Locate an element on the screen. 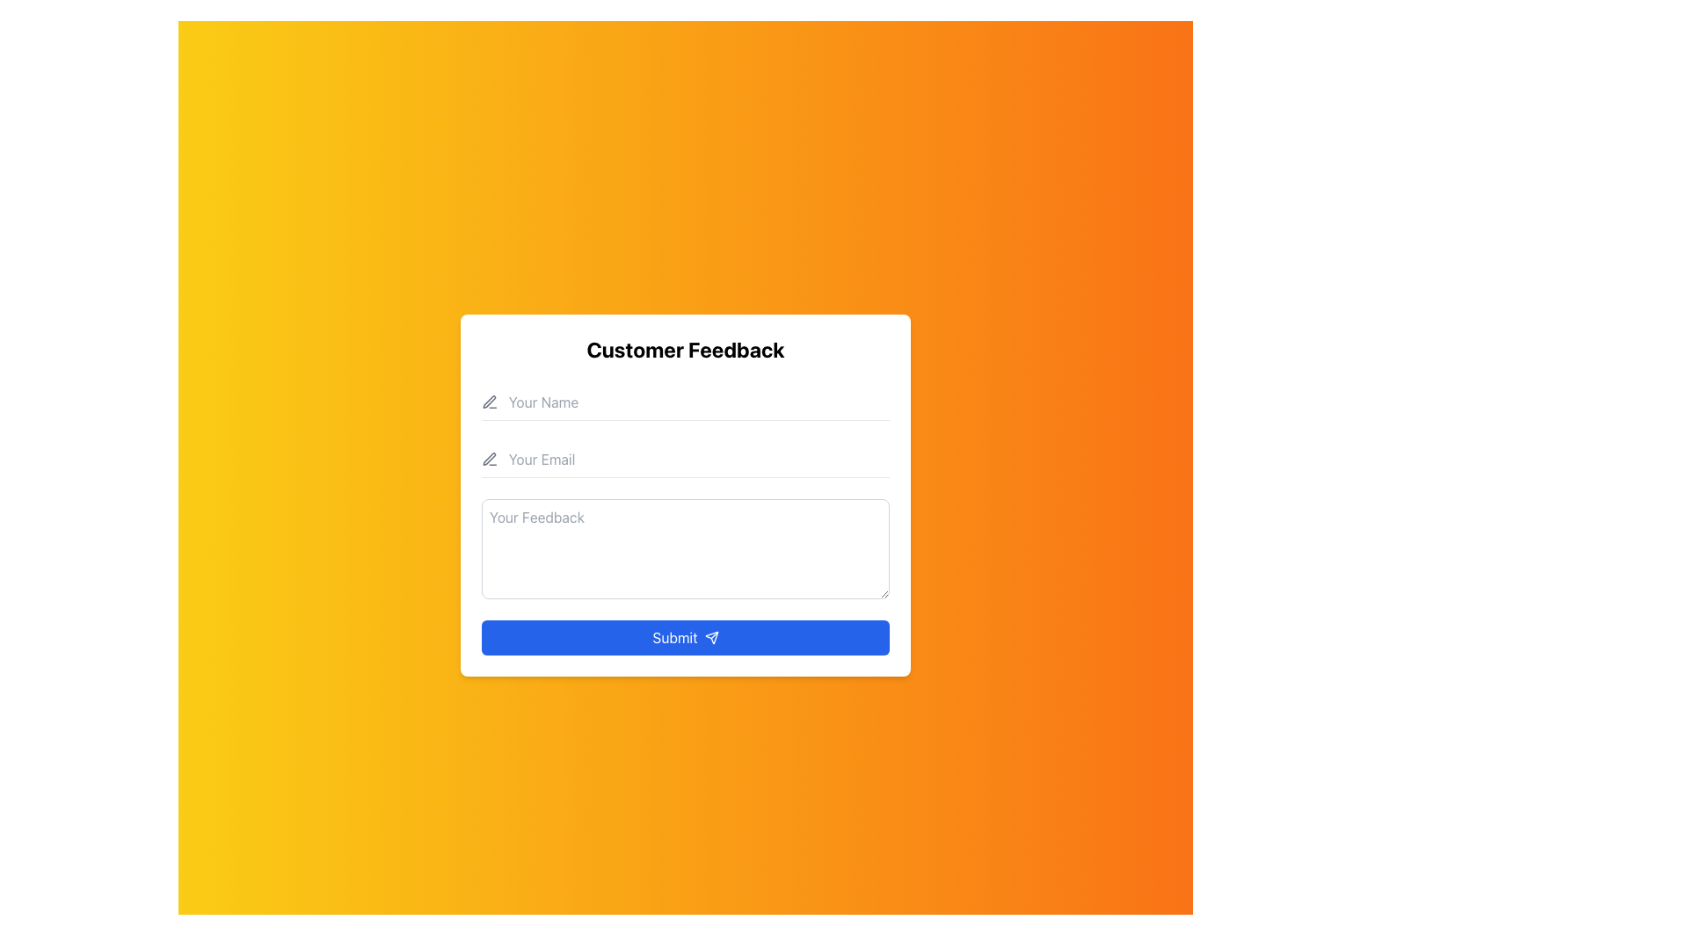 The width and height of the screenshot is (1688, 949). the small triangular-shaped icon resembling a send symbol, which is located at the right end of the blue 'Submit' button is located at coordinates (711, 637).